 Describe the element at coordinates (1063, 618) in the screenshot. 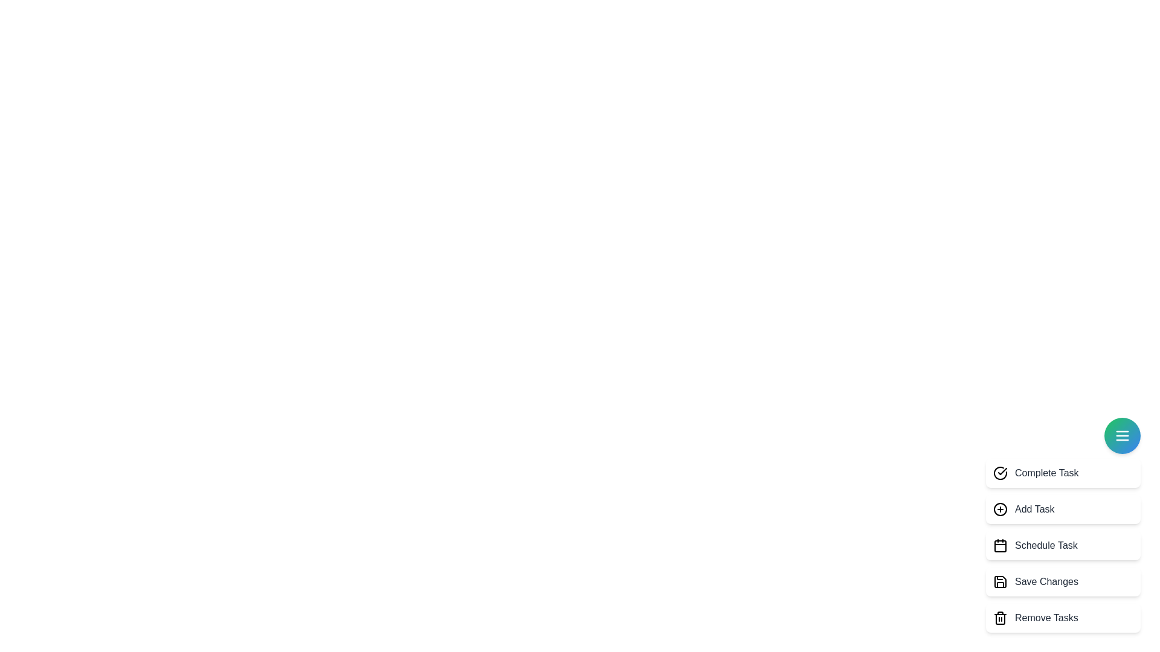

I see `the task option labeled 'Remove Tasks' to select it` at that location.